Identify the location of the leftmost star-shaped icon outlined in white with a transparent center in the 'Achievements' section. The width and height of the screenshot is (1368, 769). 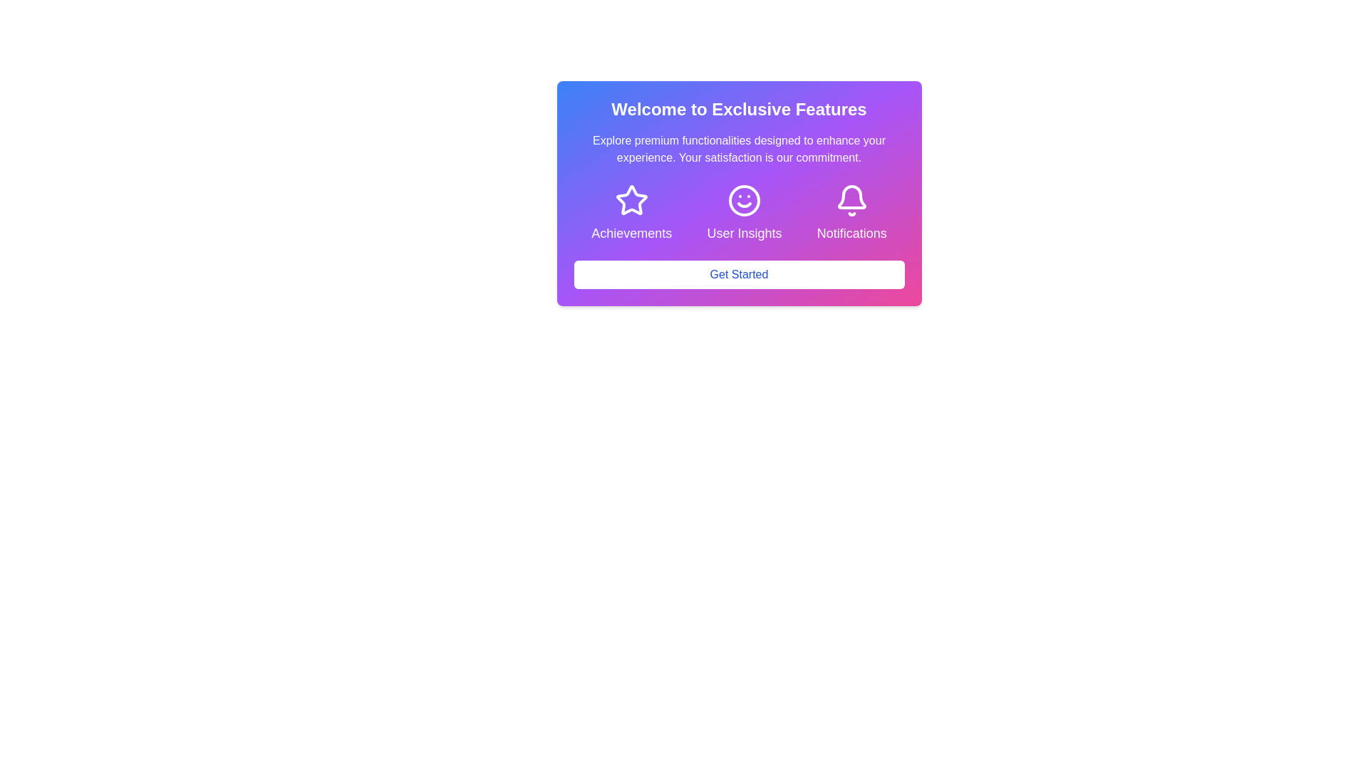
(631, 200).